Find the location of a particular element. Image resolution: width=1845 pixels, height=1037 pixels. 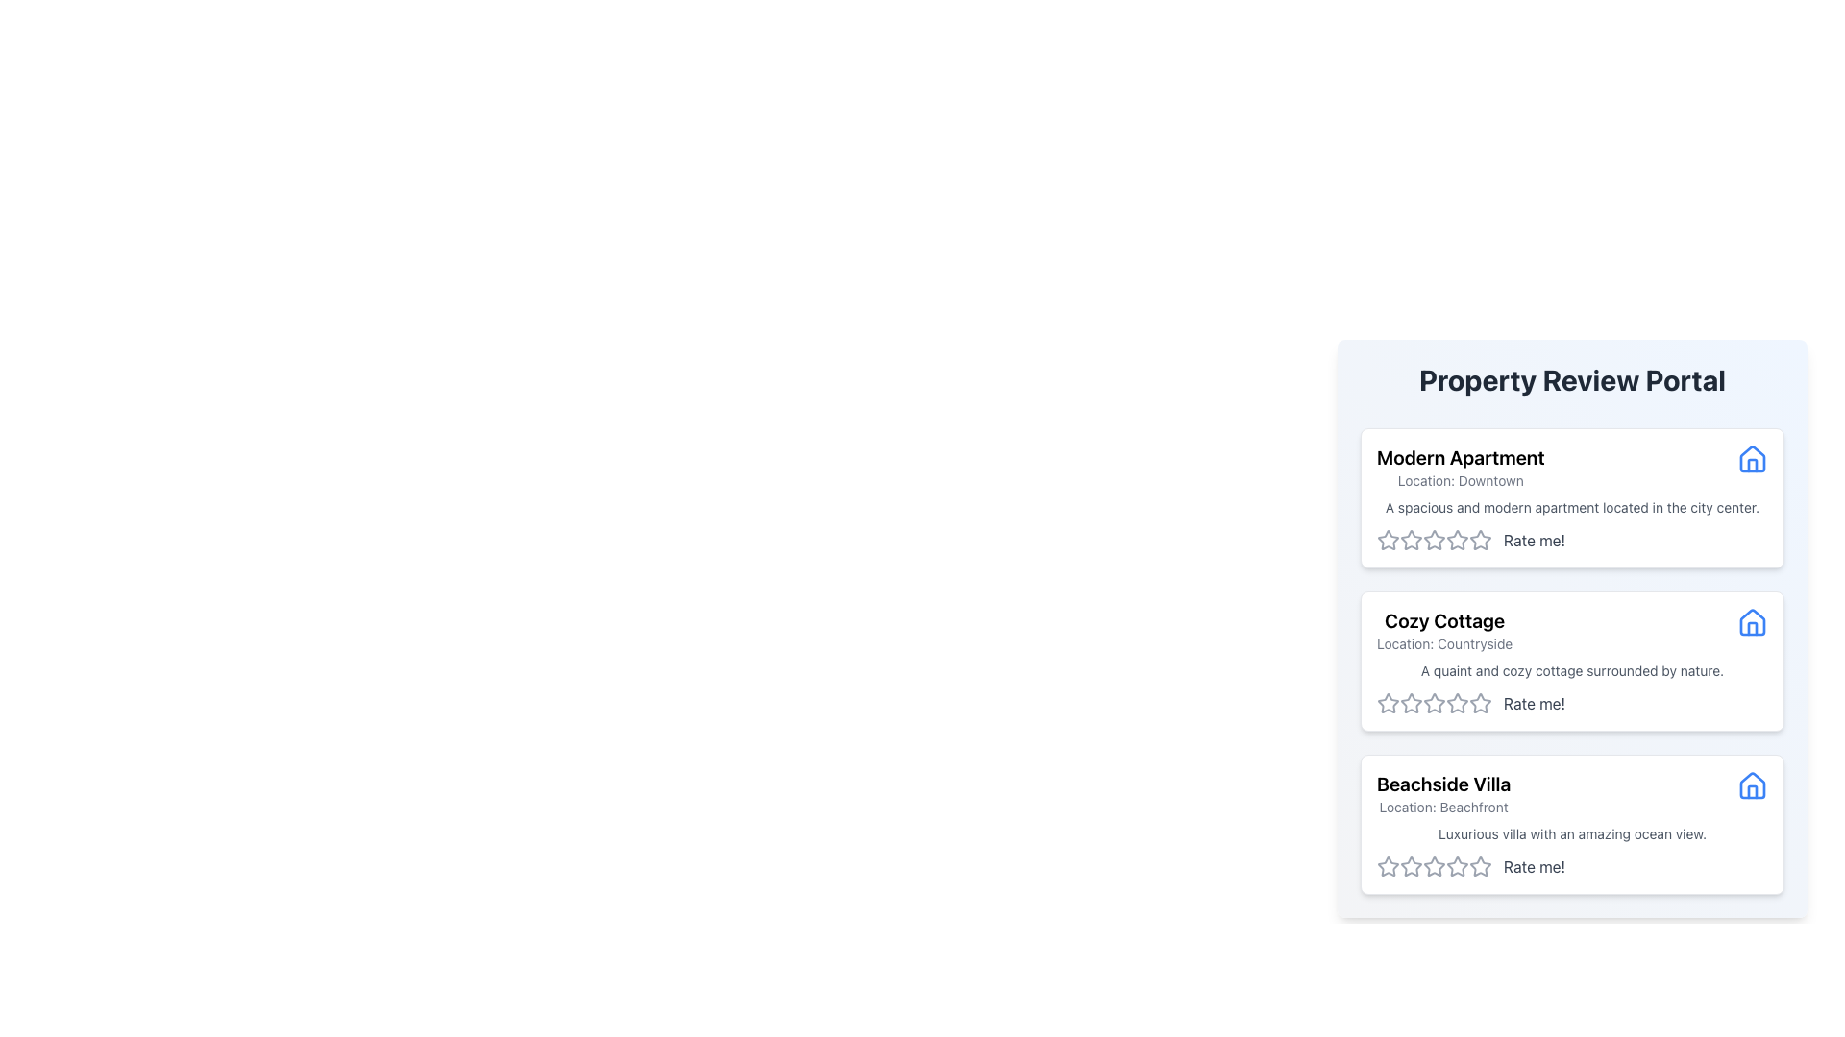

the text label displaying 'A spacious and modern apartment located in the city center.' which is styled in a smaller gray font, located within a property review card below the title 'Modern Apartment' is located at coordinates (1572, 506).